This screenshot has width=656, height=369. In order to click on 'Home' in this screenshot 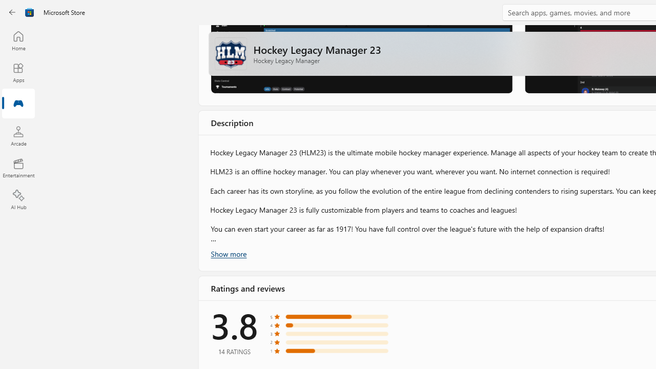, I will do `click(18, 40)`.